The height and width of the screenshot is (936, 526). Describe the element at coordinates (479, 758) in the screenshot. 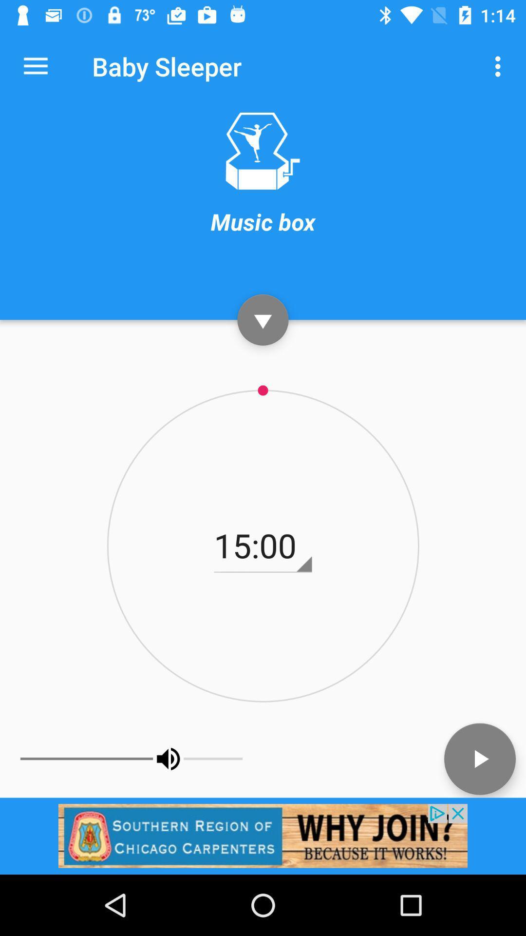

I see `play` at that location.